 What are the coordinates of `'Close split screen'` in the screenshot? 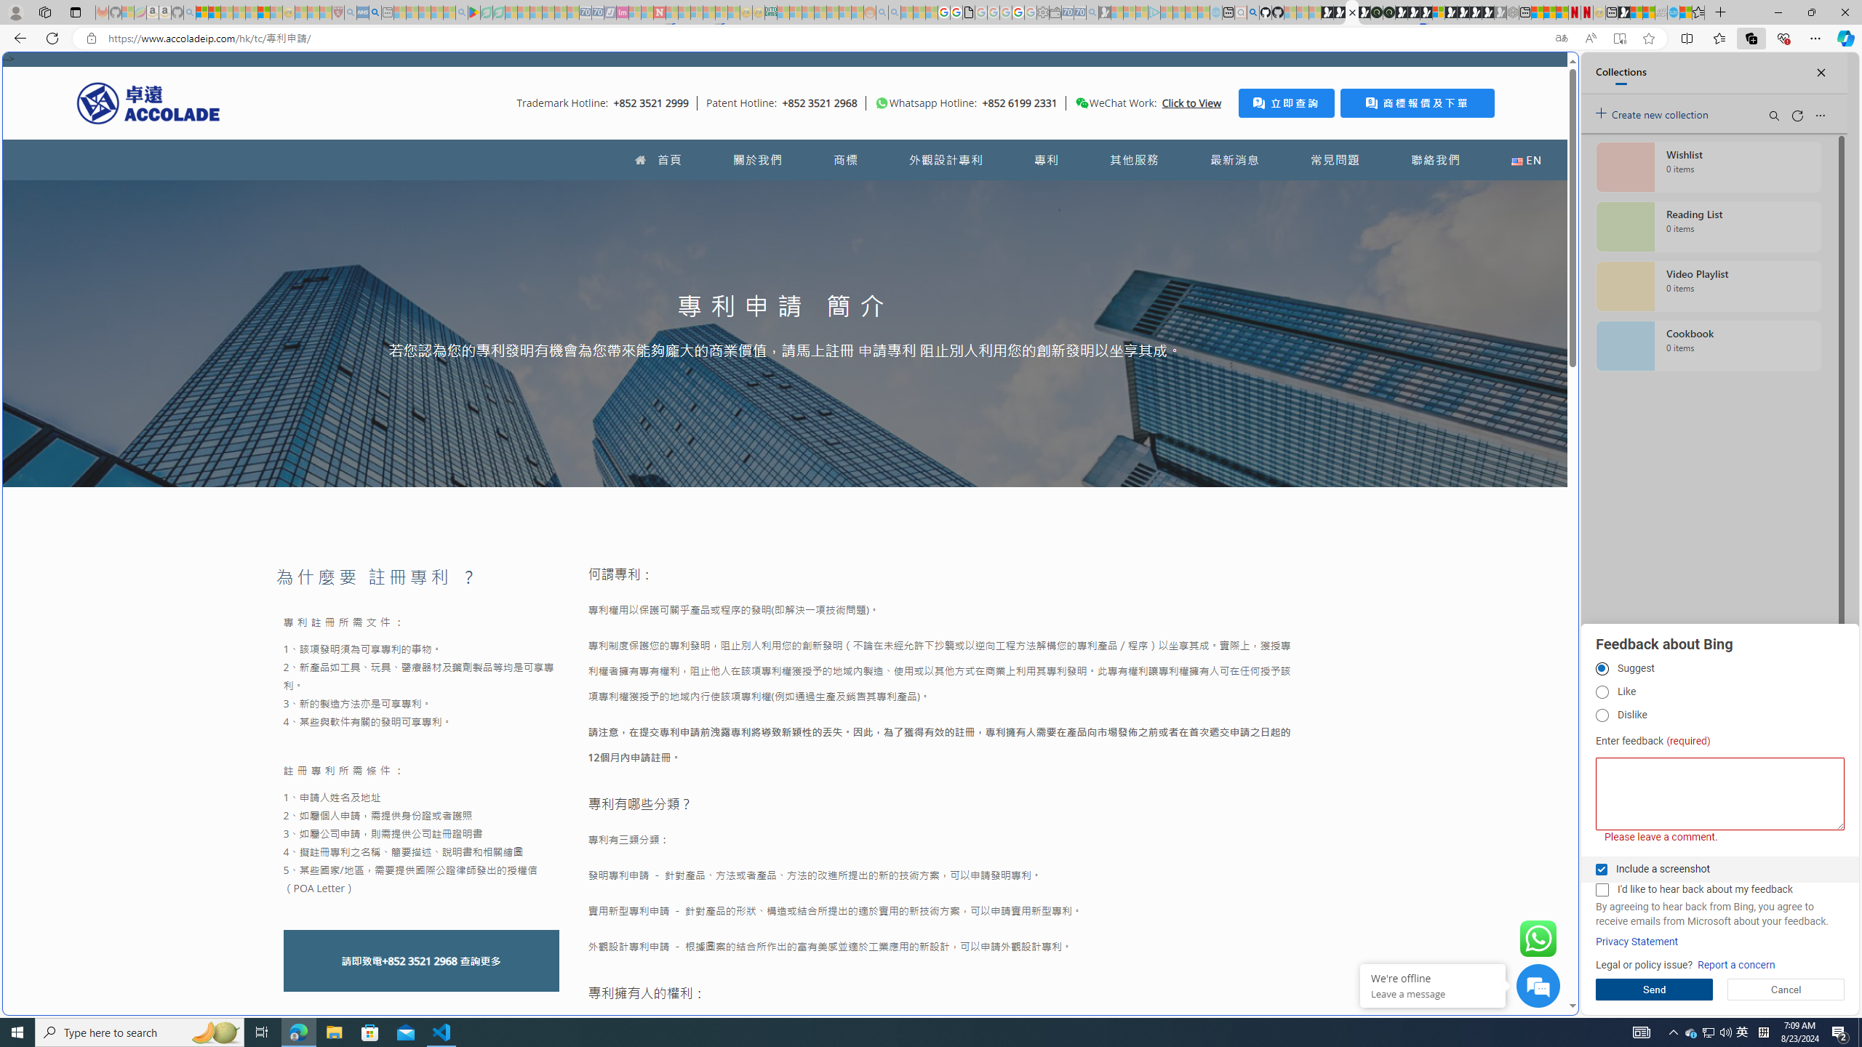 It's located at (1544, 73).